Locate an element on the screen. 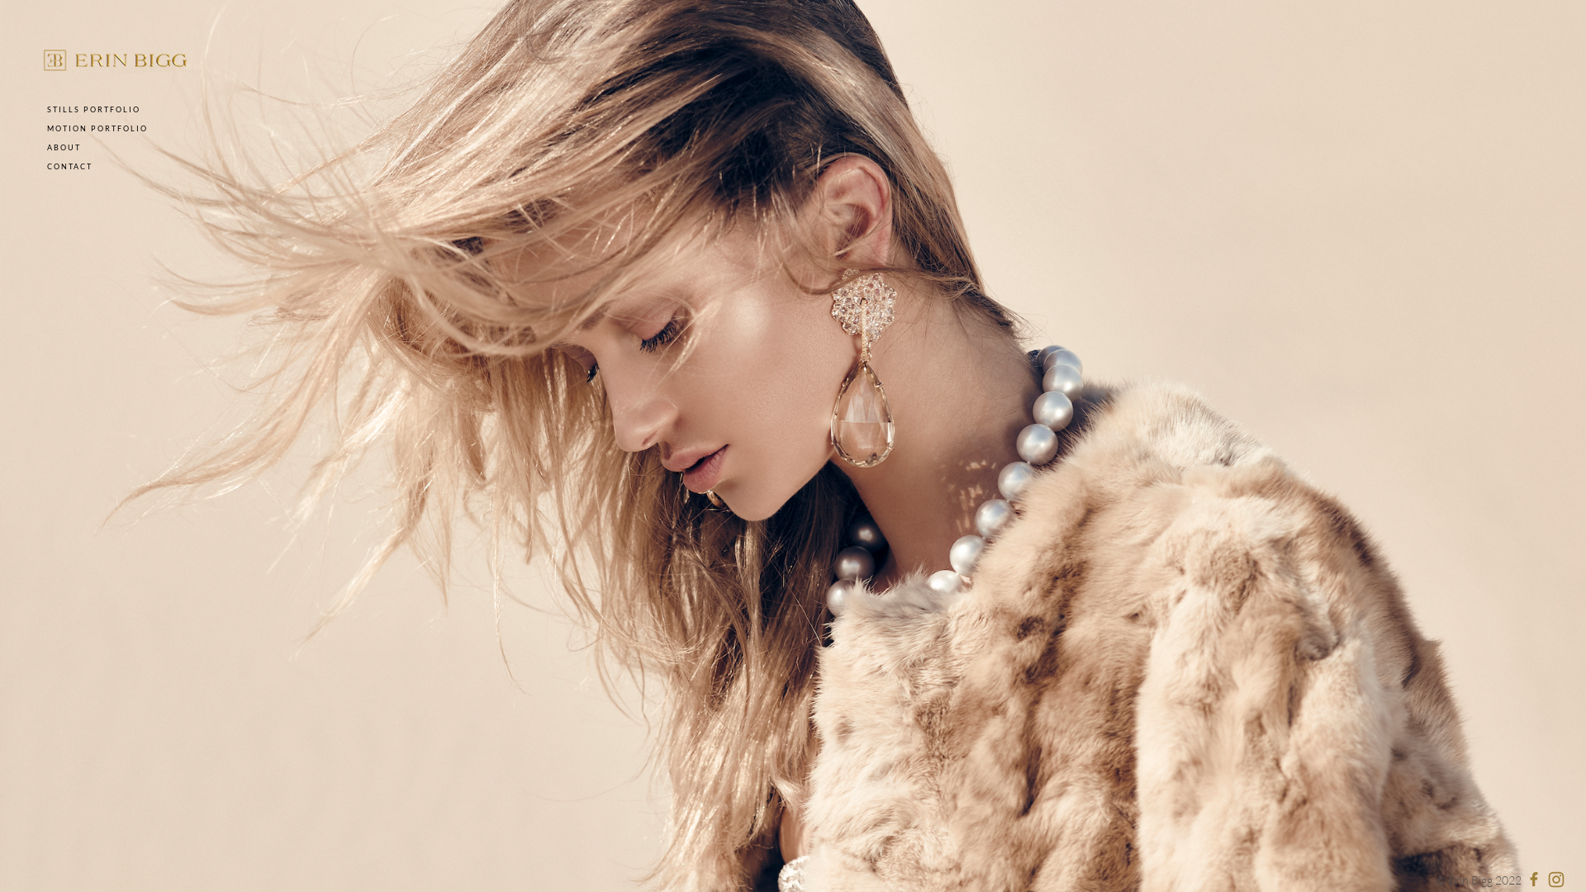 The height and width of the screenshot is (892, 1586). 'STILLS PORTFOLIO' is located at coordinates (93, 109).